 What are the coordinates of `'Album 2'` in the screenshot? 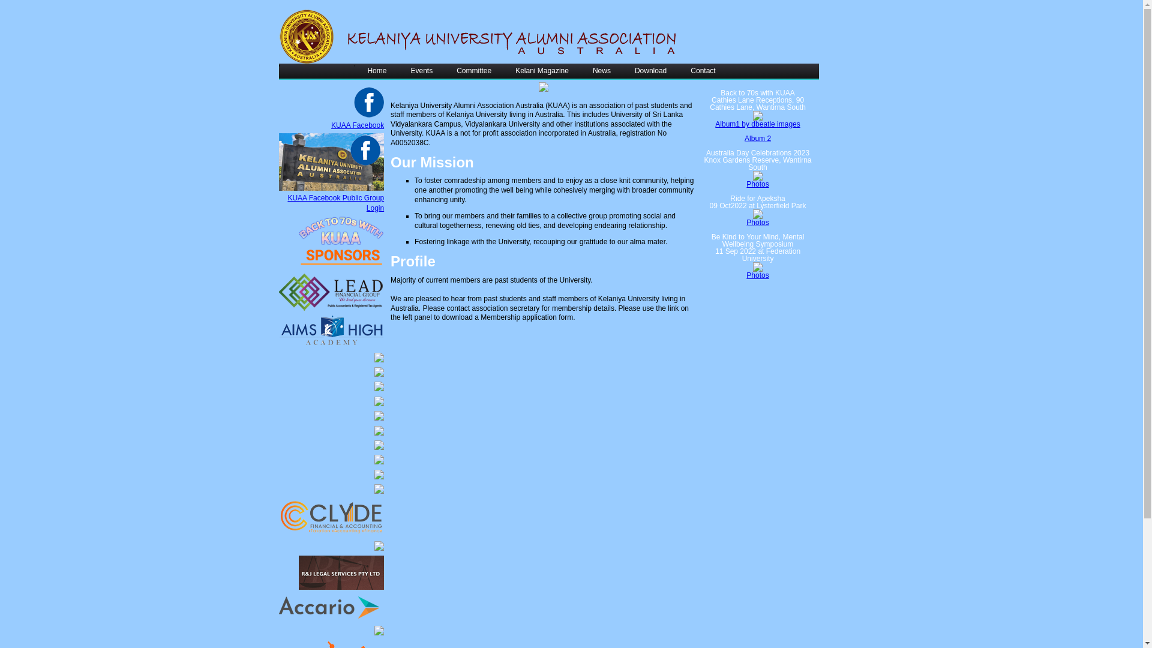 It's located at (744, 138).